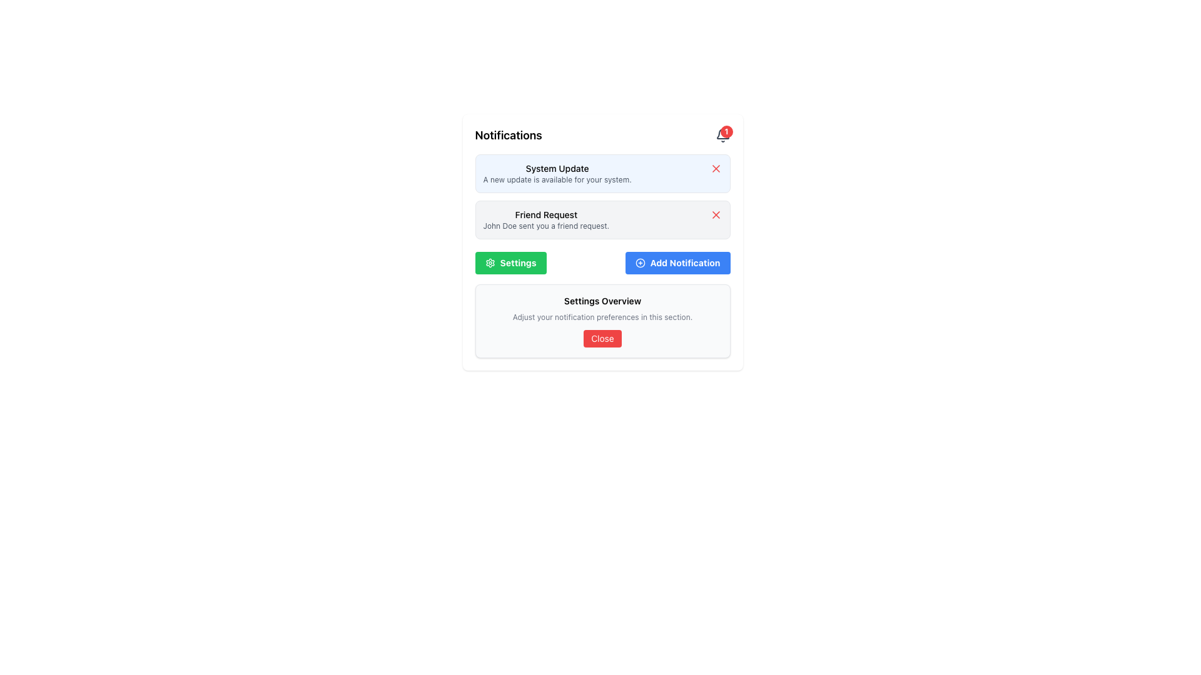 The width and height of the screenshot is (1201, 675). I want to click on the decorative icon representing the action of adding a new notification, located to the left of the 'Add Notification' text inside a blue button at the bottom of the notifications list section, so click(640, 262).